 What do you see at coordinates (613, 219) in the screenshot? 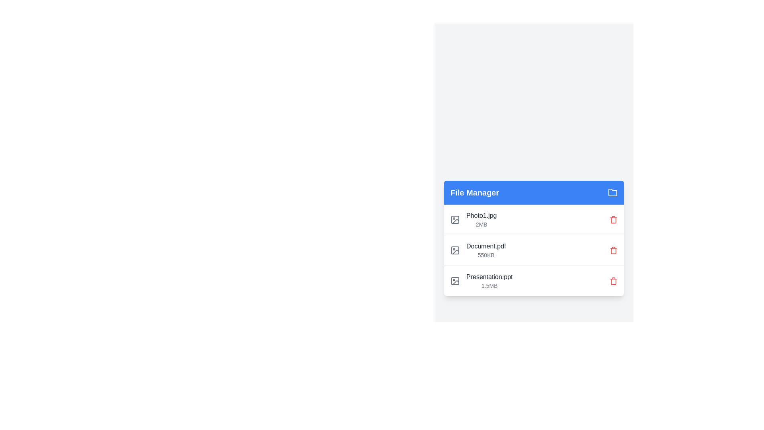
I see `the delete icon button located on the far-right side of the row labeled 'Photo1.jpg'` at bounding box center [613, 219].